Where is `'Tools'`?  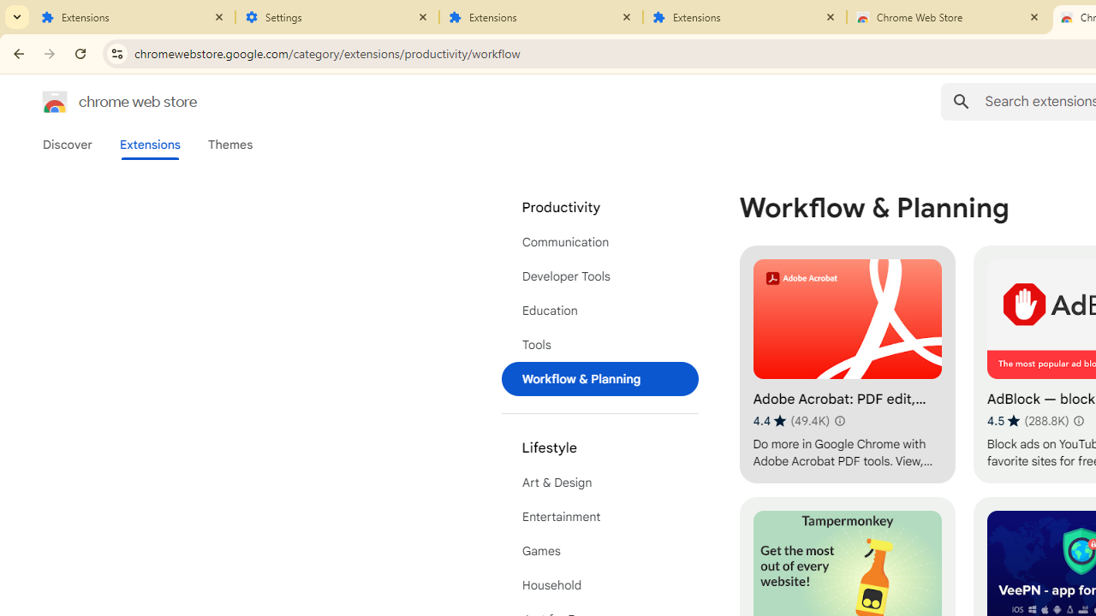
'Tools' is located at coordinates (599, 345).